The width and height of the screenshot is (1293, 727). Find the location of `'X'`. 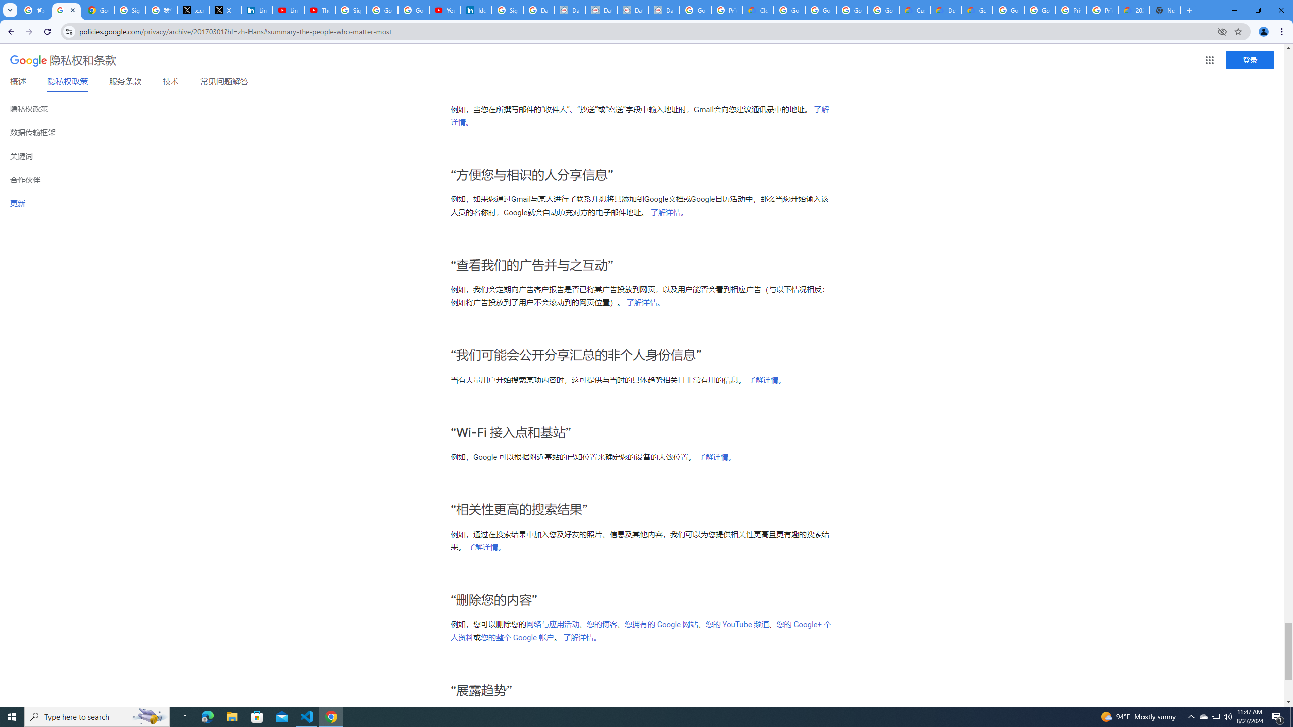

'X' is located at coordinates (225, 10).